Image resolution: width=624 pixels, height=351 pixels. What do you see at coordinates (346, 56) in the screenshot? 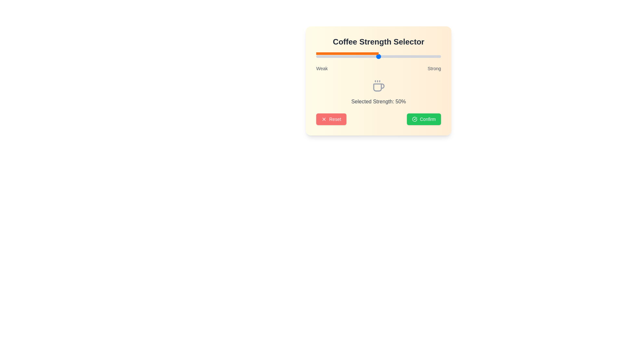
I see `the coffee strength` at bounding box center [346, 56].